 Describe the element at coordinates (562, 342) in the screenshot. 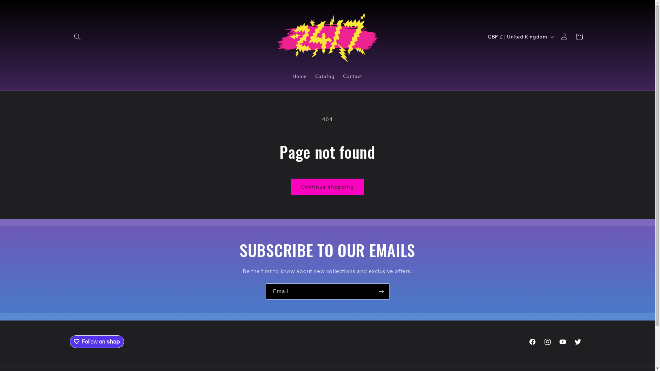

I see `'YouTube'` at that location.